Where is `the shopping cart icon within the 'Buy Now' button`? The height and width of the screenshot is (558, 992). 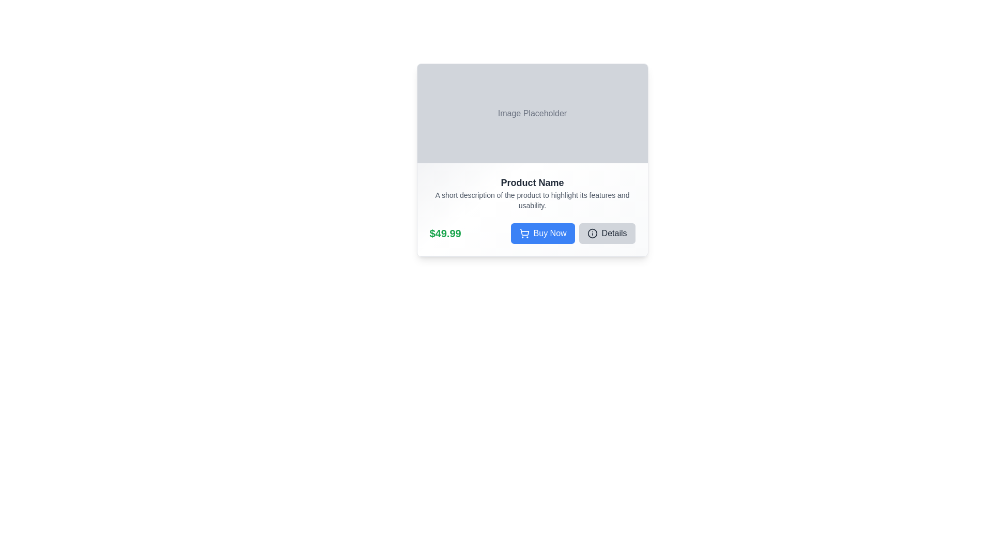
the shopping cart icon within the 'Buy Now' button is located at coordinates (524, 233).